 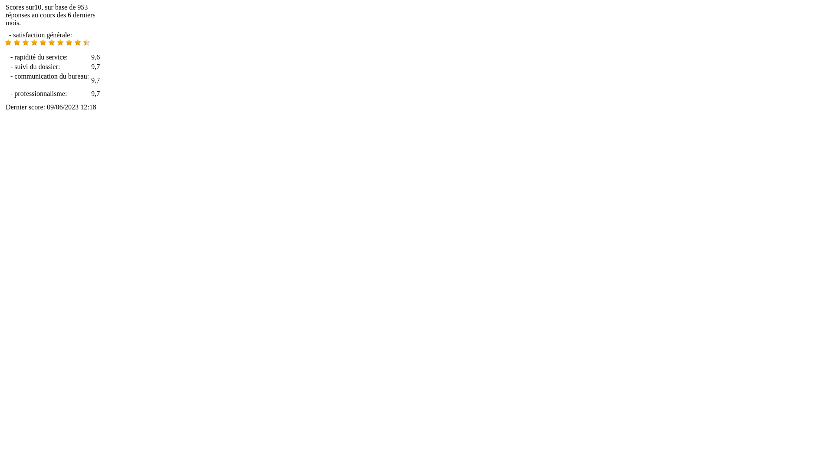 What do you see at coordinates (17, 42) in the screenshot?
I see `'9.6715634837356'` at bounding box center [17, 42].